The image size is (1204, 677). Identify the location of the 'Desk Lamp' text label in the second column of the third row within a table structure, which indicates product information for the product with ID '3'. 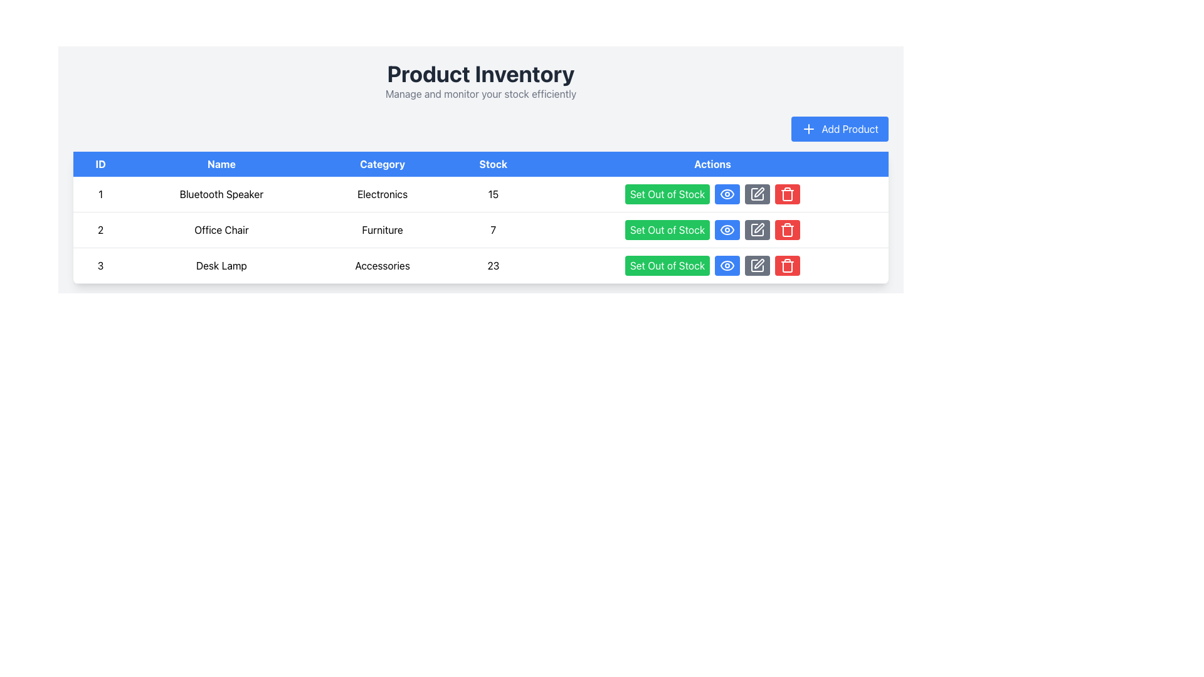
(221, 265).